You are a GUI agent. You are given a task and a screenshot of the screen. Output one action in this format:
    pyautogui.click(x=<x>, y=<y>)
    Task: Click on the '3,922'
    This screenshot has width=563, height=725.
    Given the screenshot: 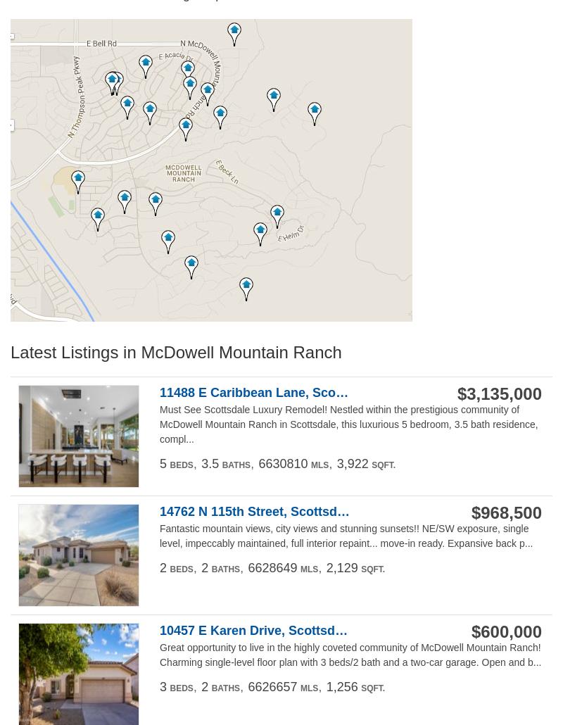 What is the action you would take?
    pyautogui.click(x=352, y=462)
    